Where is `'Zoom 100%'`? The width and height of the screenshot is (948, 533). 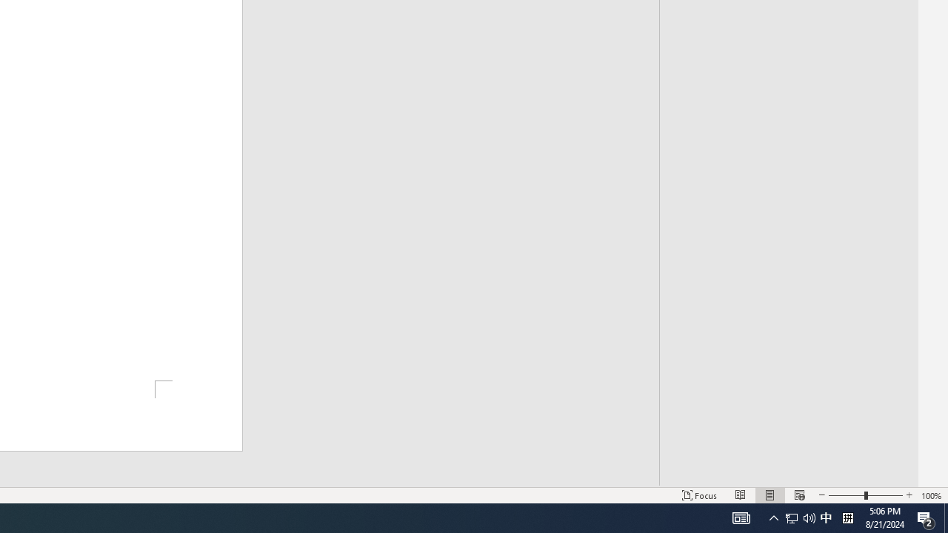
'Zoom 100%' is located at coordinates (931, 495).